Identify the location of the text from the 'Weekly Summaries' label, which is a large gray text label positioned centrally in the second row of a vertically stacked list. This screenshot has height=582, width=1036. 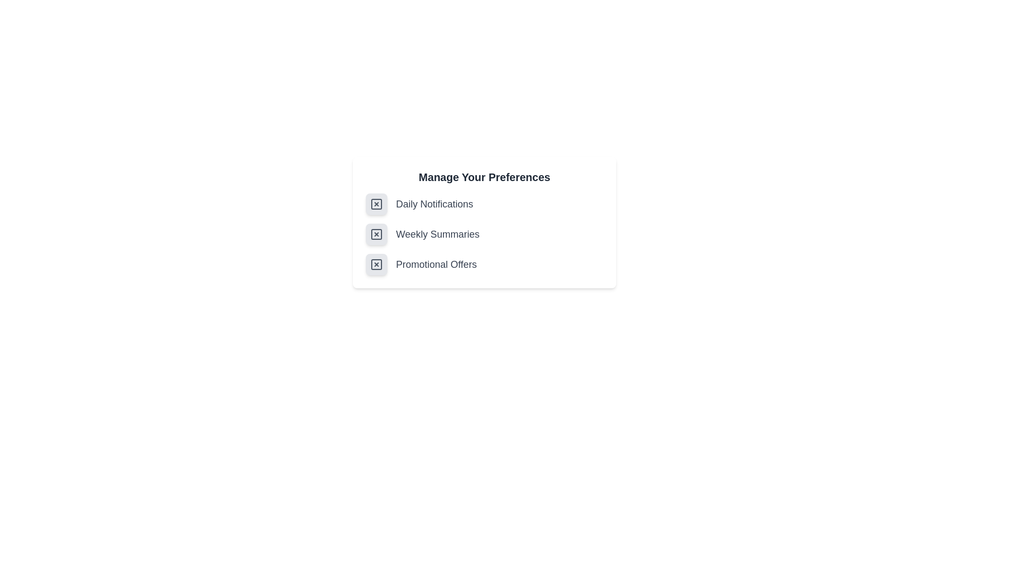
(438, 234).